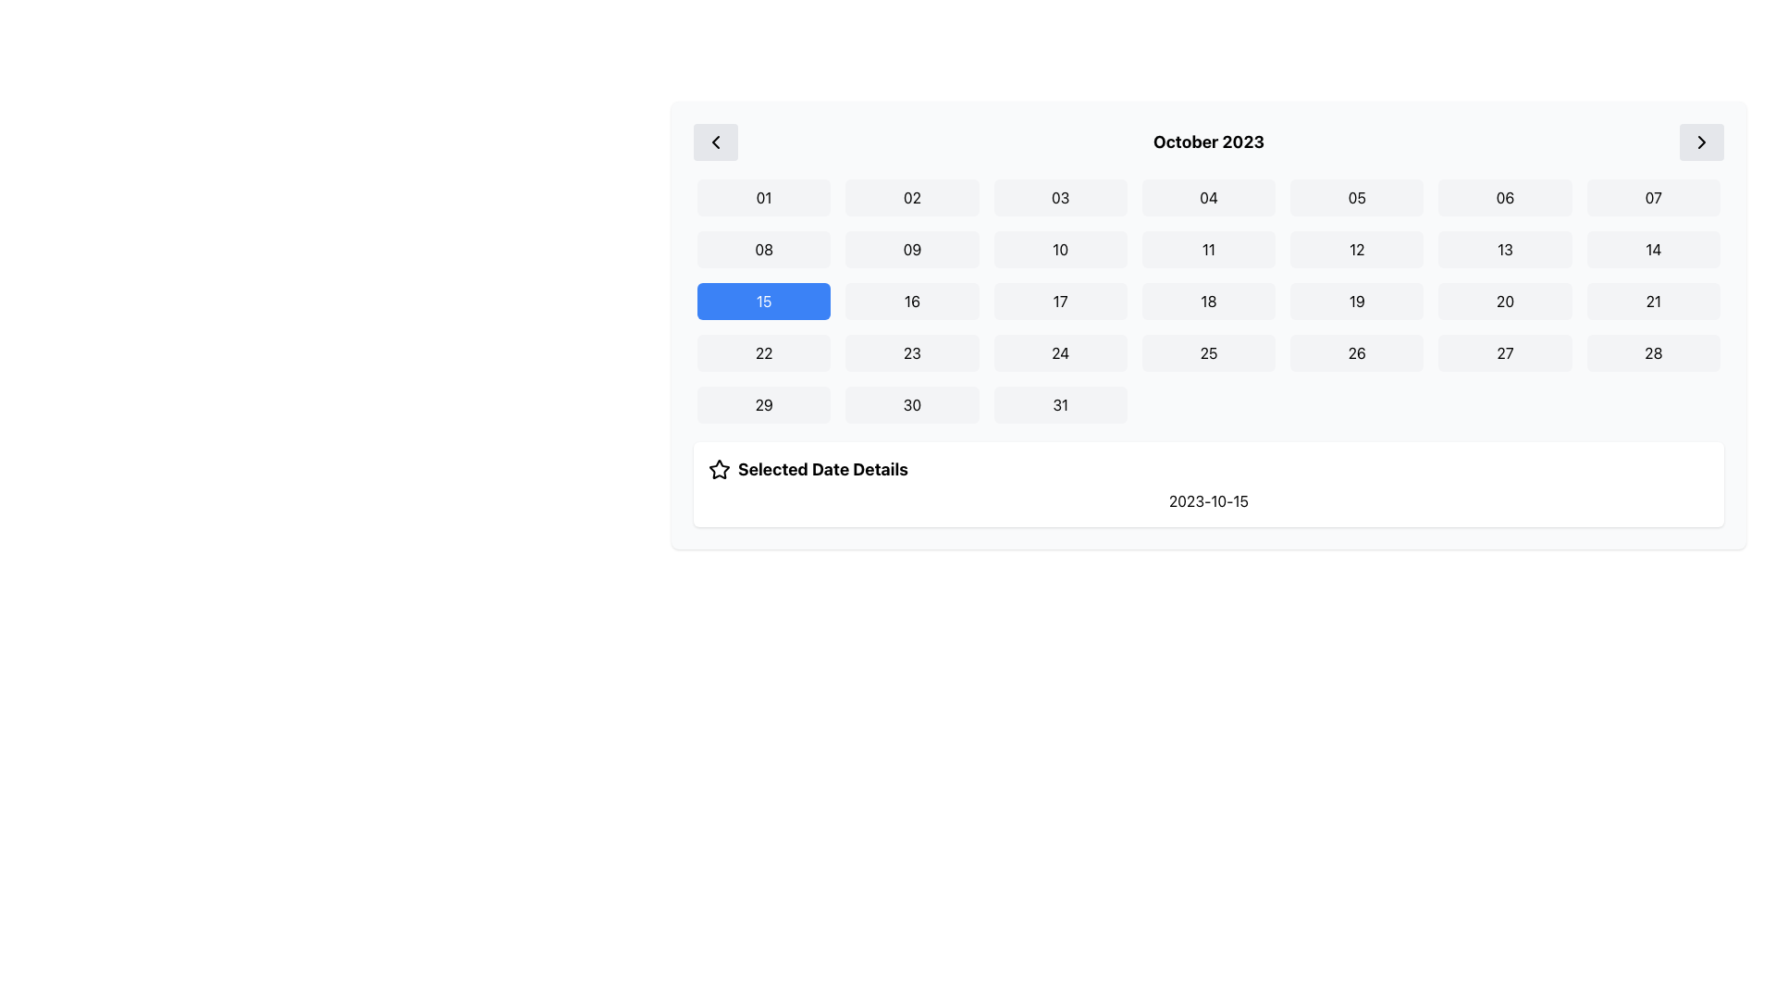 This screenshot has width=1776, height=999. What do you see at coordinates (714, 142) in the screenshot?
I see `the black left-pointing arrow icon located in the top-left section of the calendar interface` at bounding box center [714, 142].